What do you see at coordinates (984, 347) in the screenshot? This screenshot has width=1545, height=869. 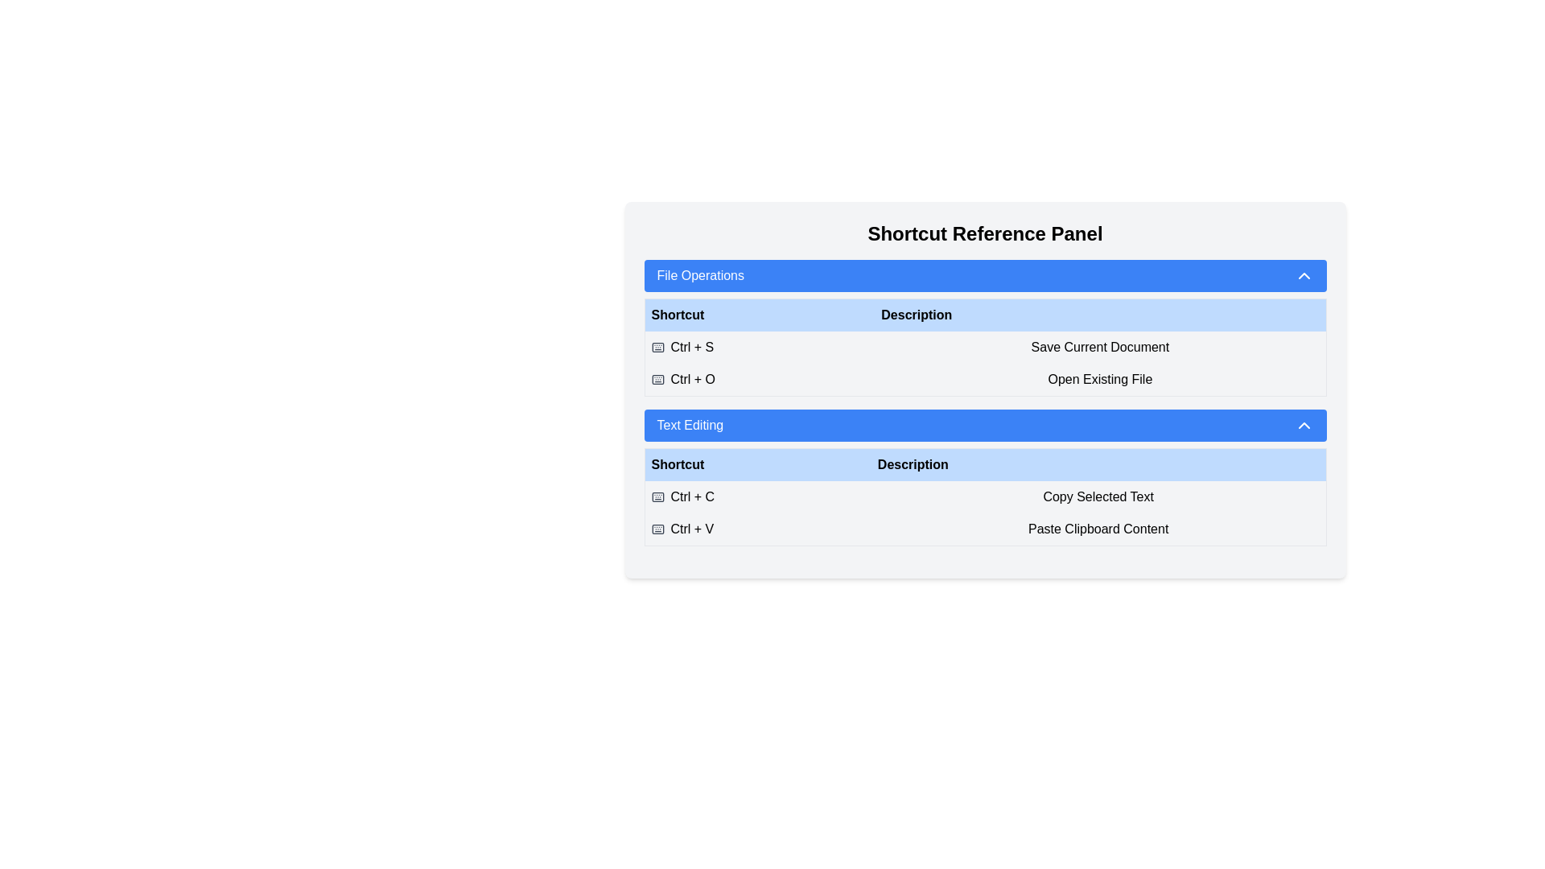 I see `the table row displaying keyboard shortcuts and their descriptions located in the 'File Operations' section, under the headings 'Shortcut' and 'Description'` at bounding box center [984, 347].